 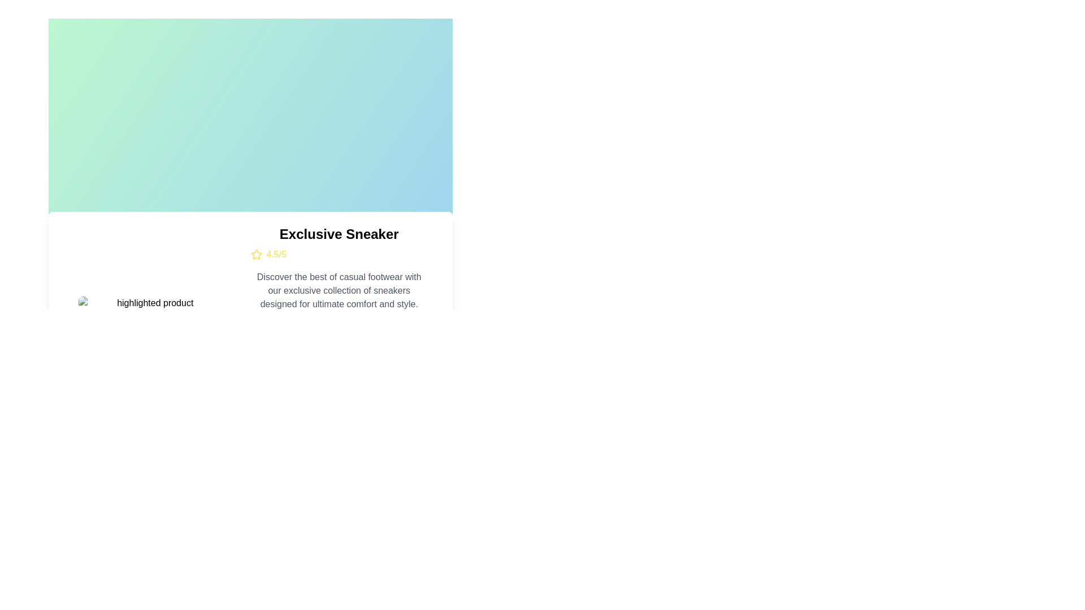 What do you see at coordinates (255, 255) in the screenshot?
I see `the star rating icon located on the left side of the rating element displaying '4.5/5'` at bounding box center [255, 255].